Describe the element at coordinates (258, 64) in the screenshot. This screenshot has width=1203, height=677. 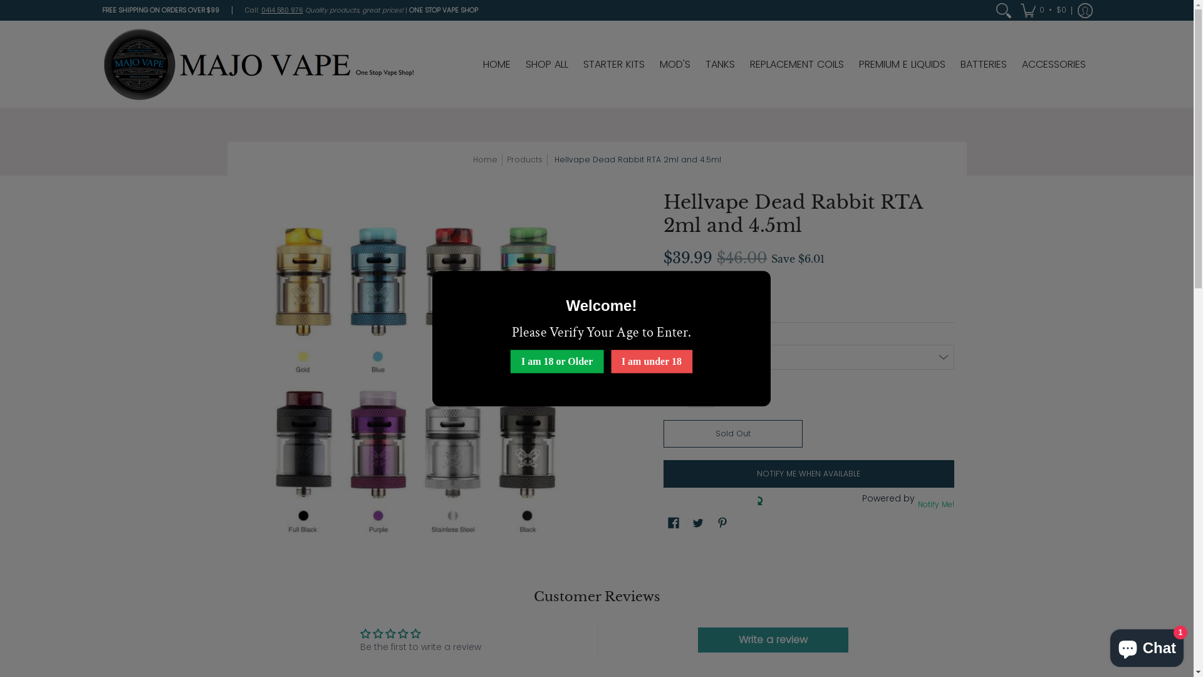
I see `'MajoVape '` at that location.